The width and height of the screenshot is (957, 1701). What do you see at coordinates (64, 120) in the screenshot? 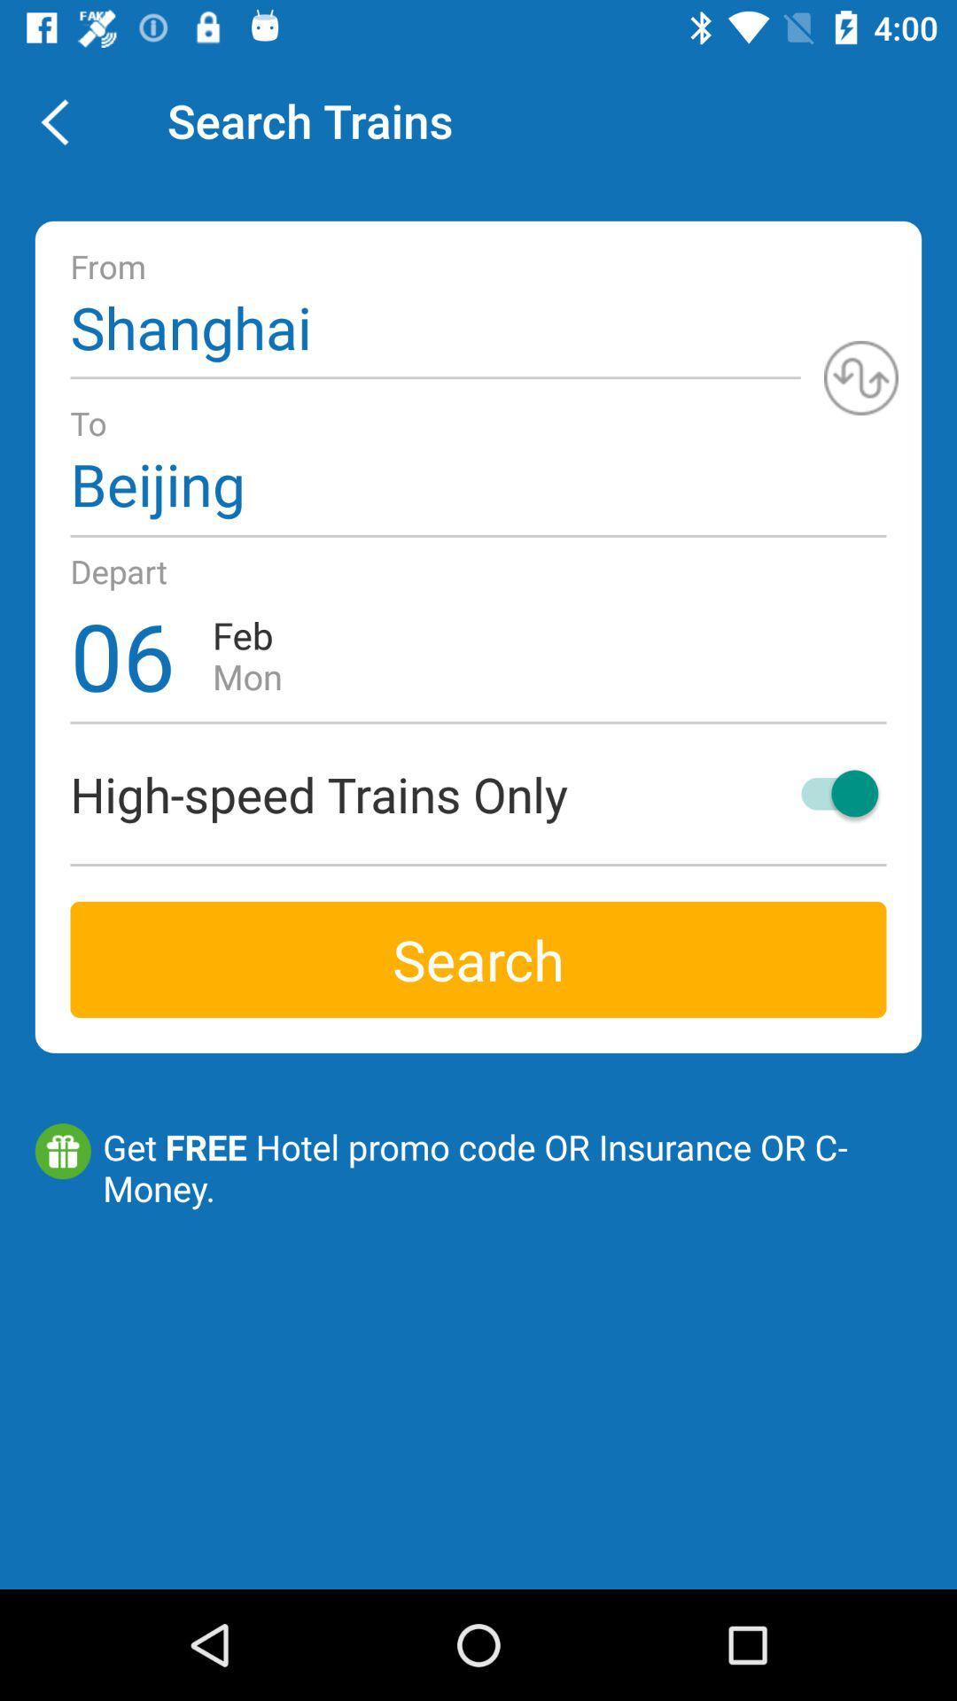
I see `item next to the search trains` at bounding box center [64, 120].